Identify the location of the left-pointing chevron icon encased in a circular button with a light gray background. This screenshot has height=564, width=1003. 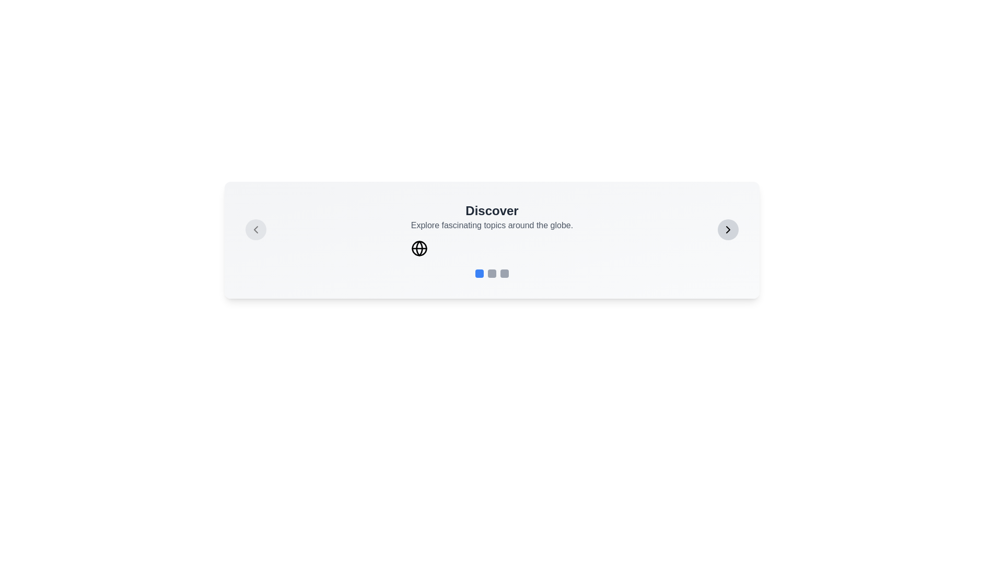
(255, 229).